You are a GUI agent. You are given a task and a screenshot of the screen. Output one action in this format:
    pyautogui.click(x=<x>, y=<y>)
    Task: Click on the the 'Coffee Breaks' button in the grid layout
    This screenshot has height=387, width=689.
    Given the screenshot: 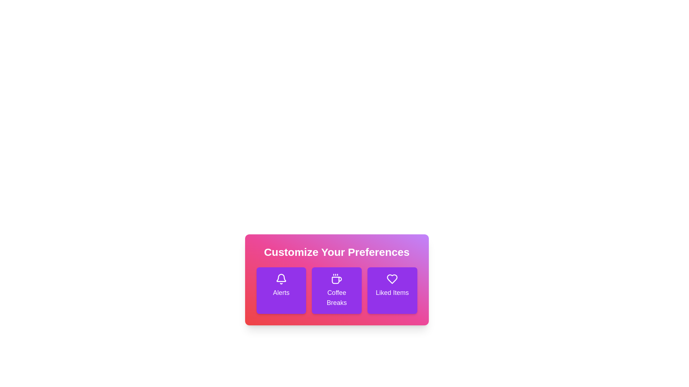 What is the action you would take?
    pyautogui.click(x=336, y=290)
    